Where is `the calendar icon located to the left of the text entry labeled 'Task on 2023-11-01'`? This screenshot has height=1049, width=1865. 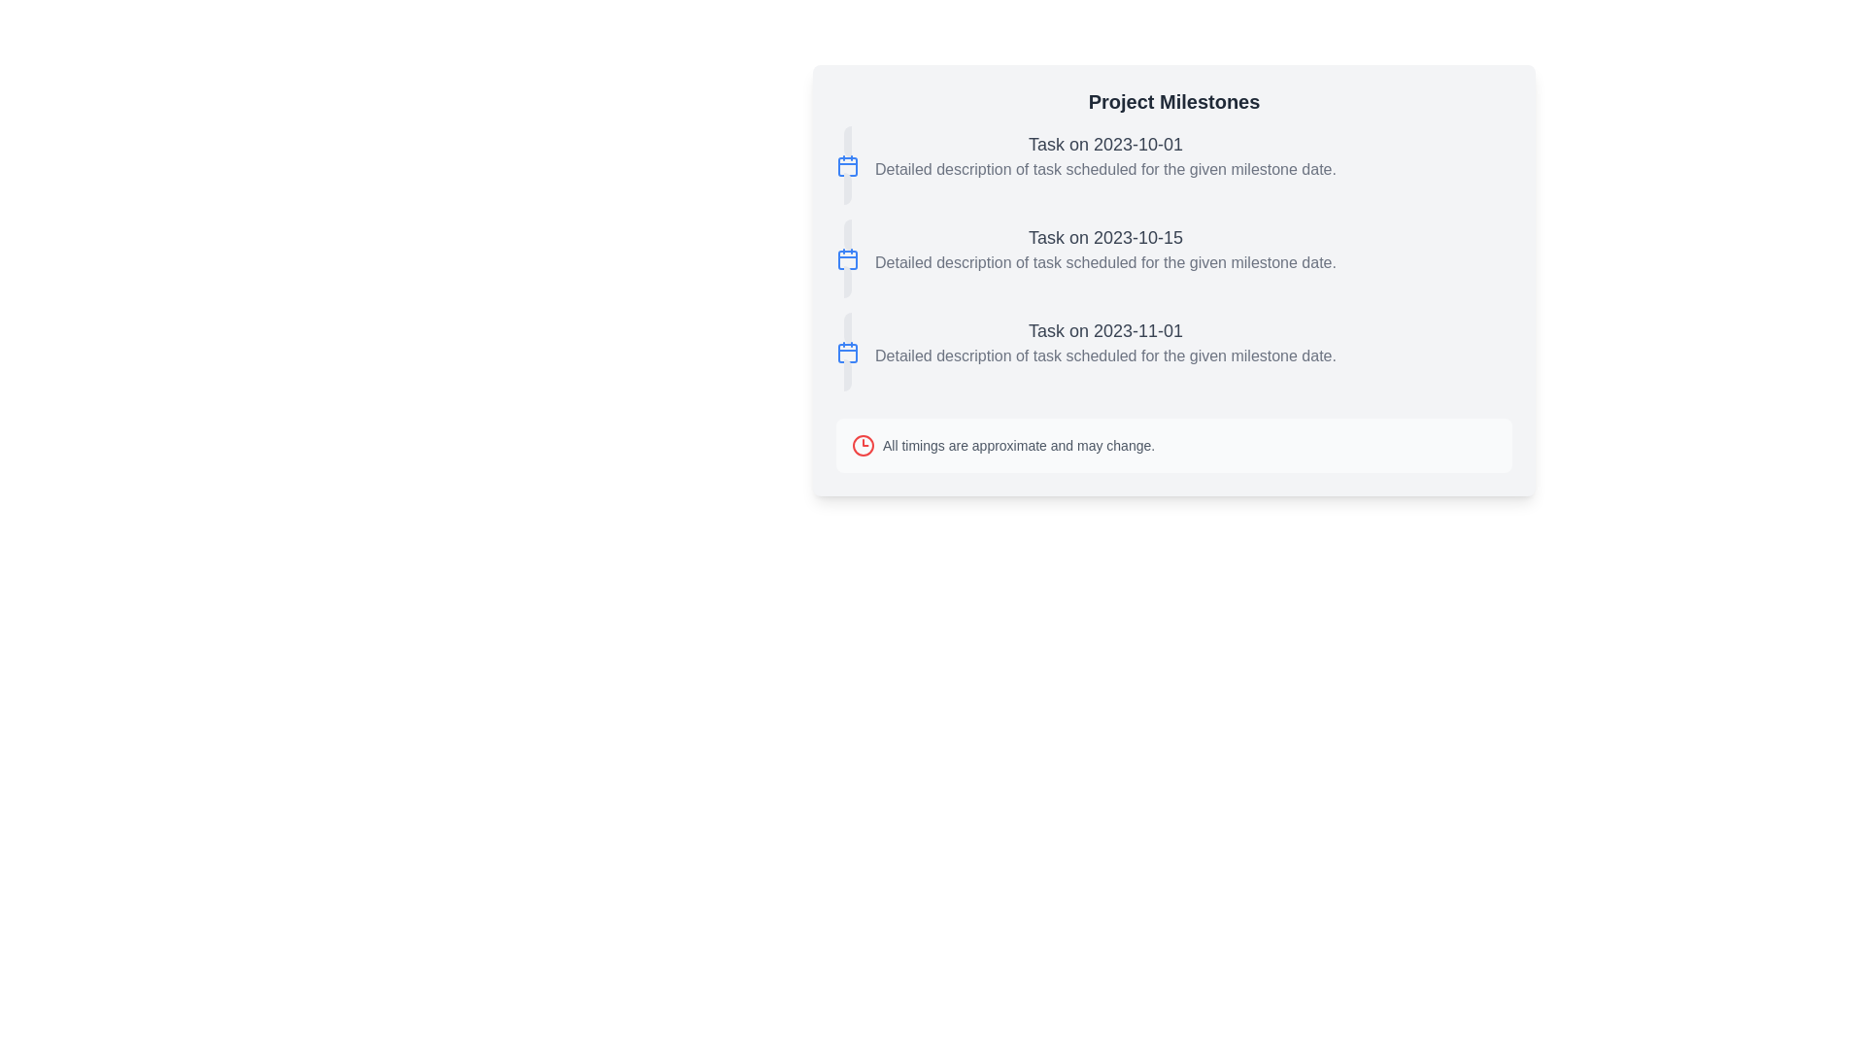 the calendar icon located to the left of the text entry labeled 'Task on 2023-11-01' is located at coordinates (848, 352).